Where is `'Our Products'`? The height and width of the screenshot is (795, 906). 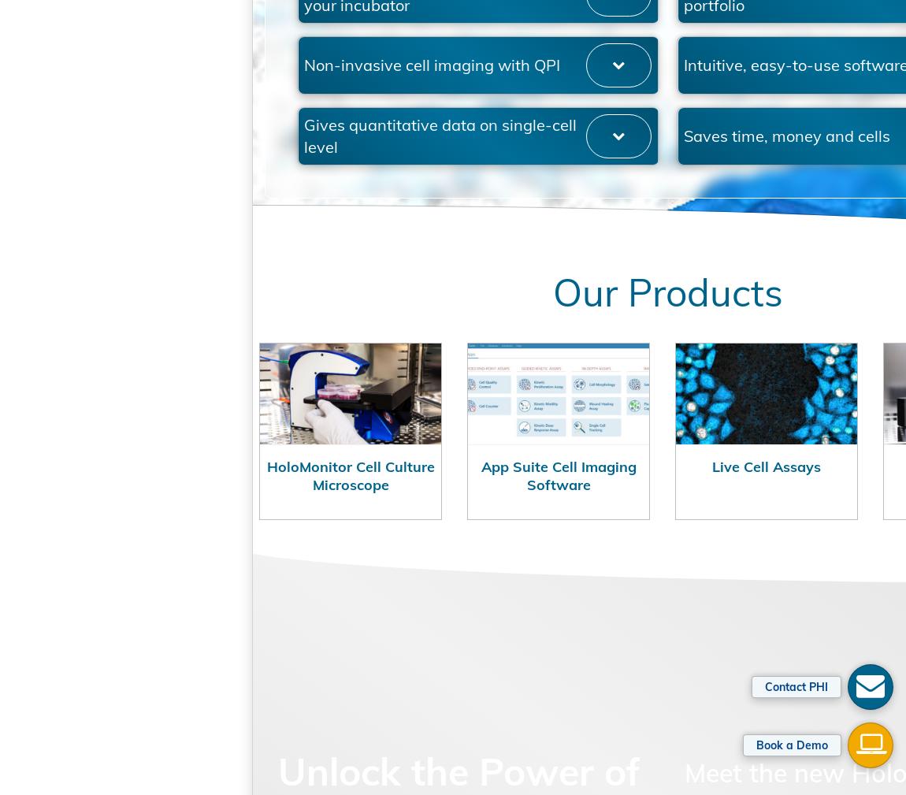 'Our Products' is located at coordinates (577, 373).